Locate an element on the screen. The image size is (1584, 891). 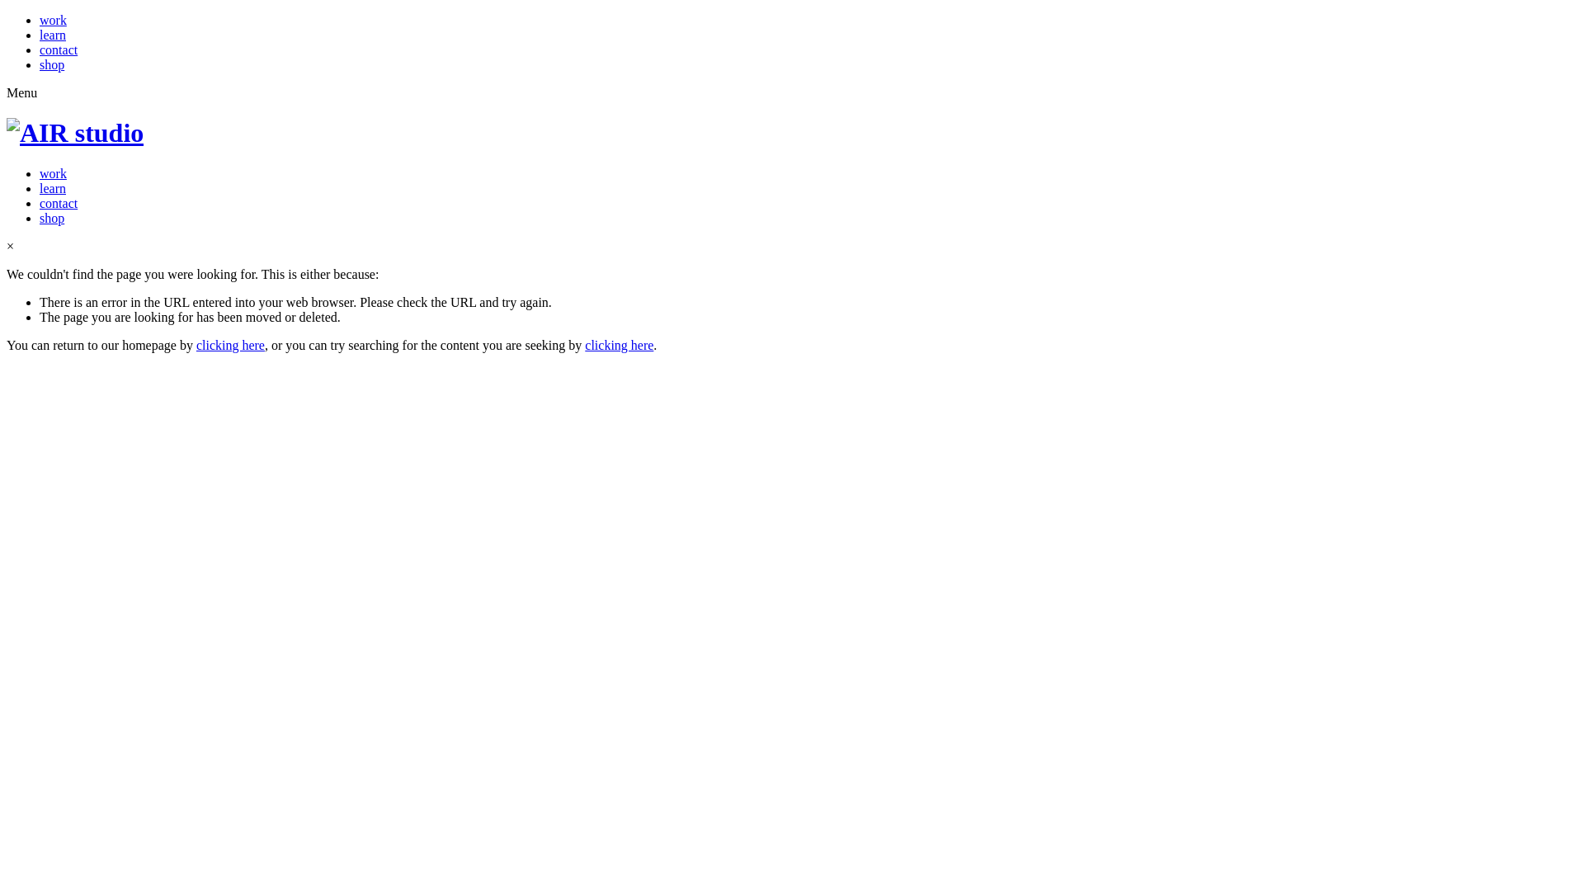
'work' is located at coordinates (53, 173).